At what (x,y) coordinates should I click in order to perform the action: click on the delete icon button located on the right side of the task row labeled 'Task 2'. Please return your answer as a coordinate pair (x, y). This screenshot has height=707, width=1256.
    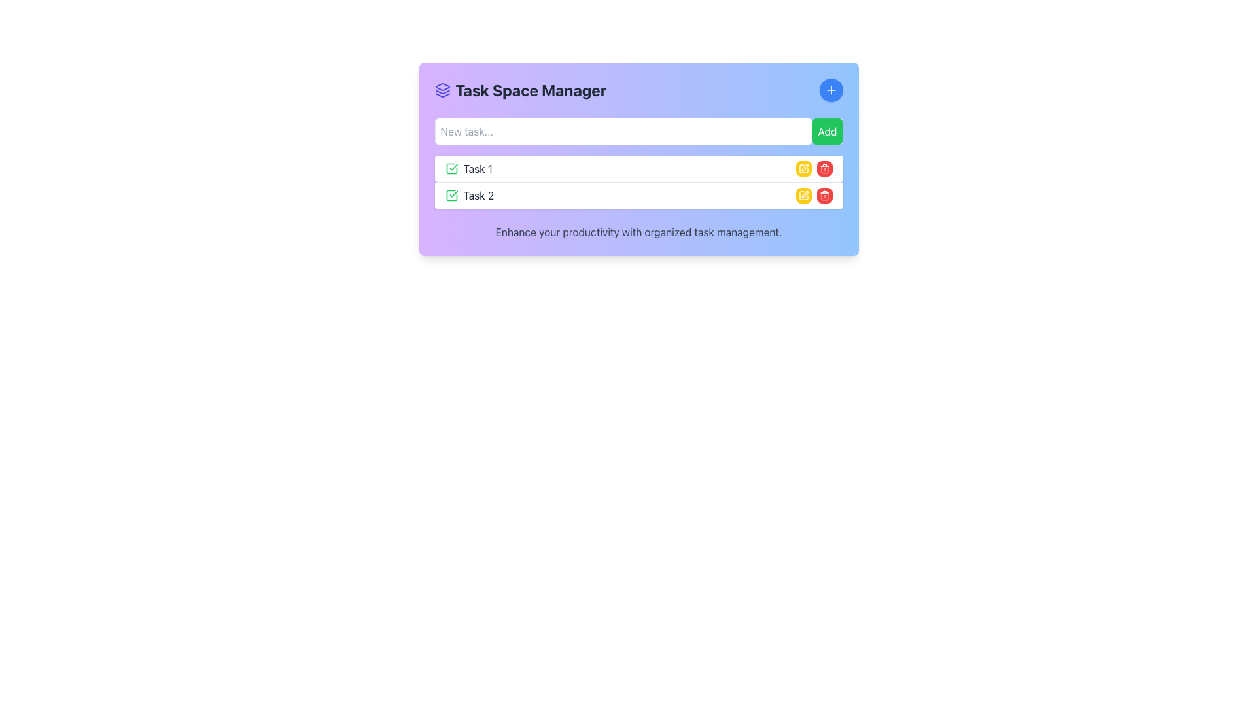
    Looking at the image, I should click on (824, 168).